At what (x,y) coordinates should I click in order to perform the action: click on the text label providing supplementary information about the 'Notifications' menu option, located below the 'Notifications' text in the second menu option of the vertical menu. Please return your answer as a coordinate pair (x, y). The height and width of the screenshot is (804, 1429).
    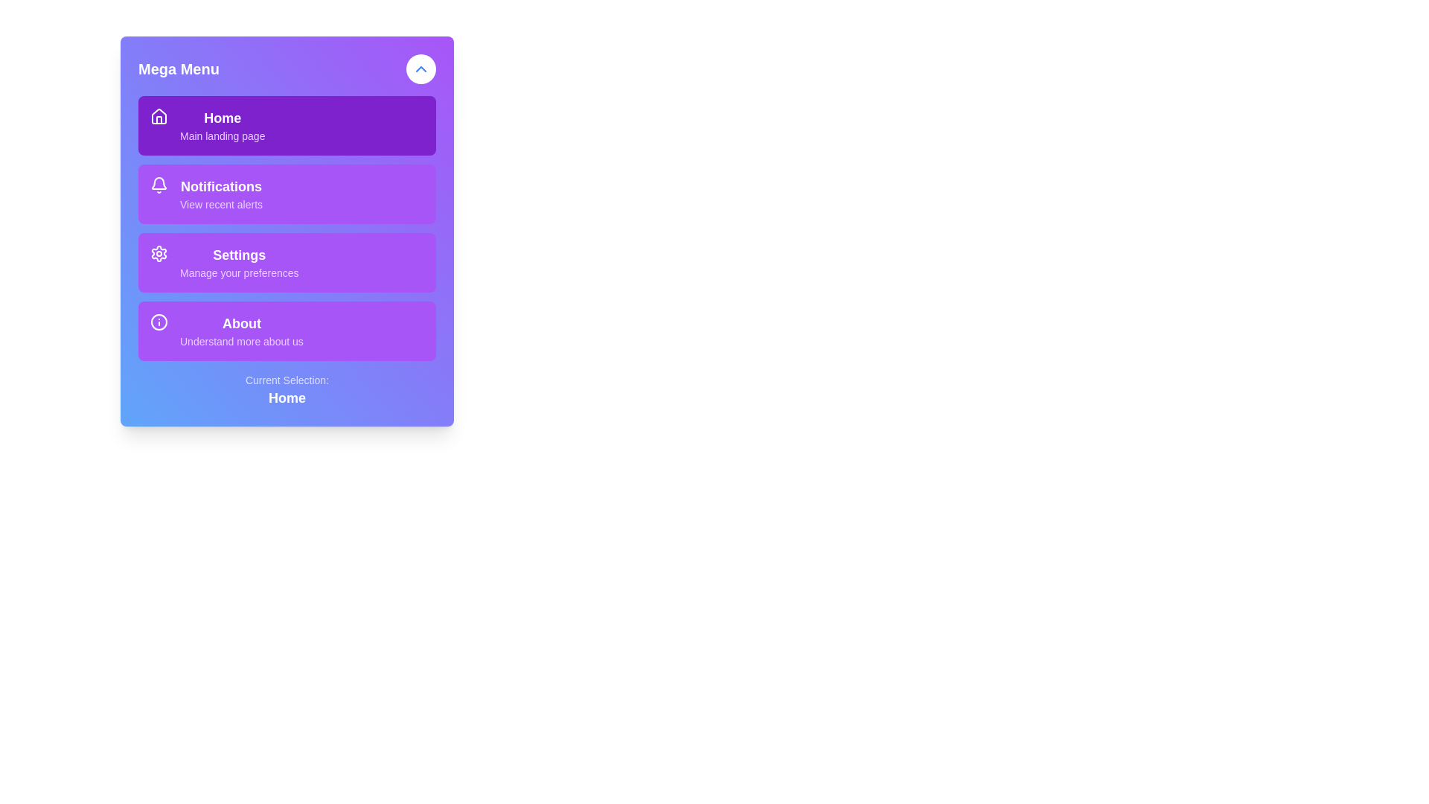
    Looking at the image, I should click on (220, 204).